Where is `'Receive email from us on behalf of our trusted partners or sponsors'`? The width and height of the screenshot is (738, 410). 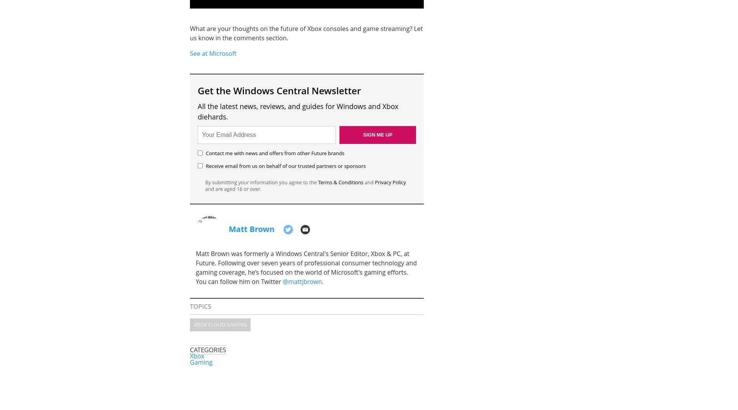
'Receive email from us on behalf of our trusted partners or sponsors' is located at coordinates (285, 165).